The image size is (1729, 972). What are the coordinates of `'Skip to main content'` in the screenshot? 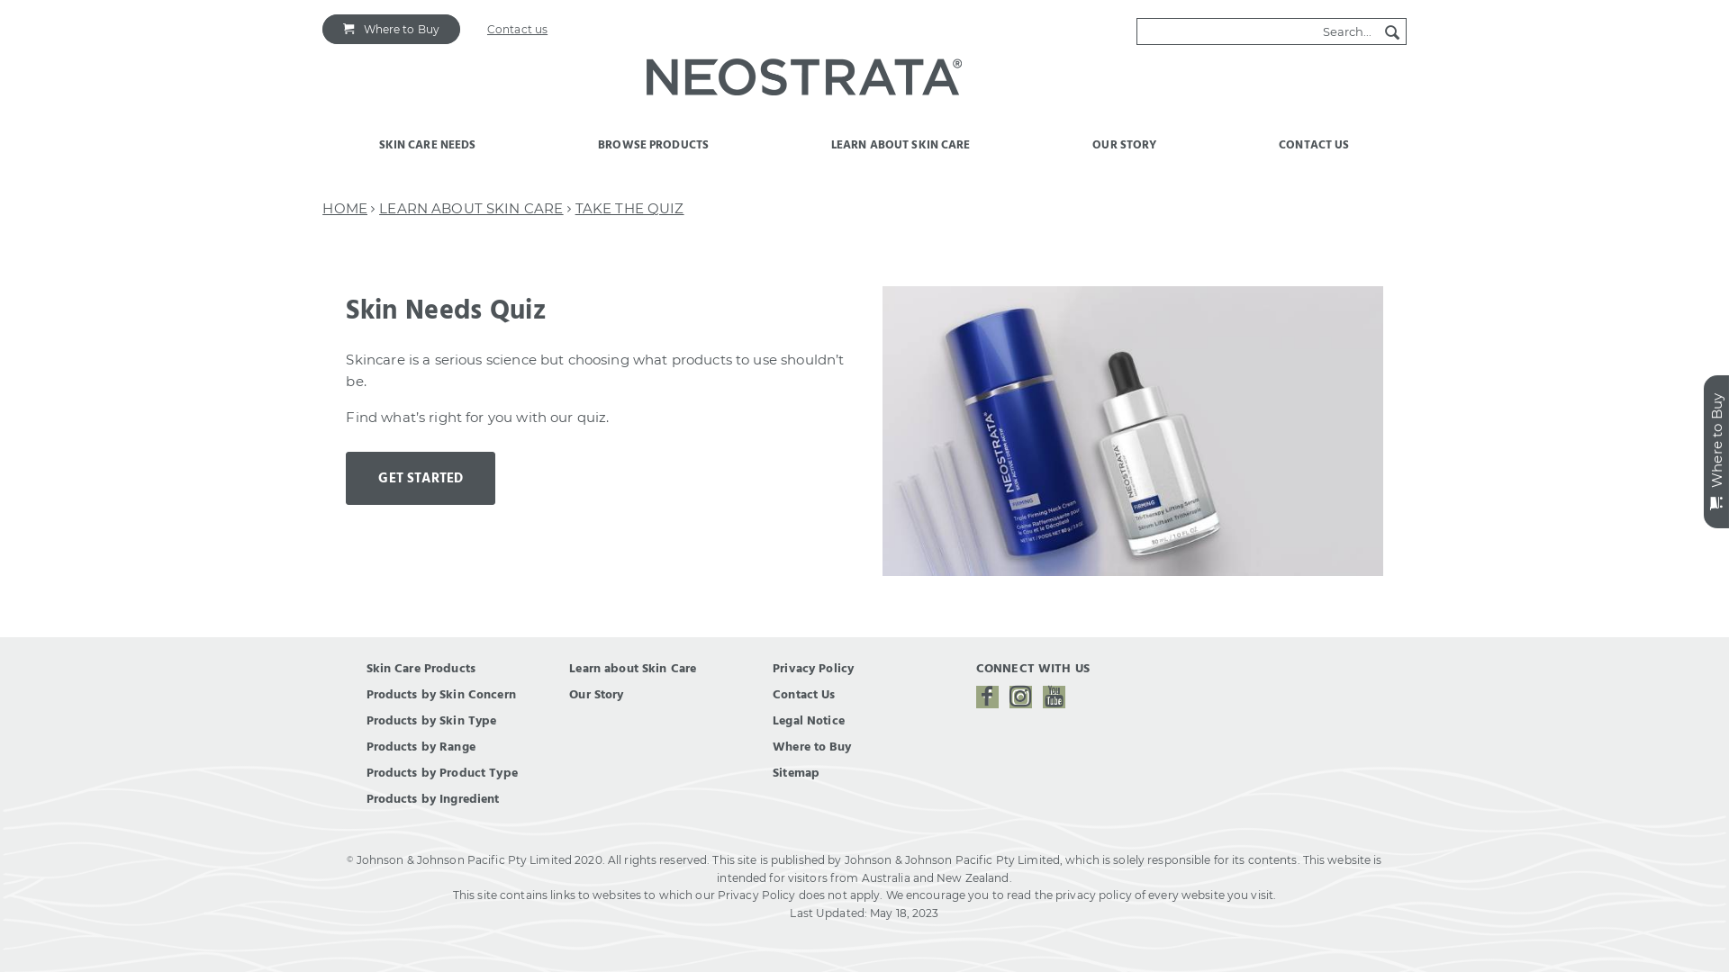 It's located at (60, 0).